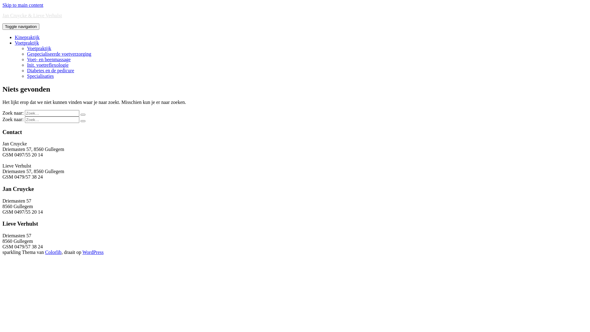  What do you see at coordinates (2, 15) in the screenshot?
I see `'Jan Cruycke & Lieve Verhulst'` at bounding box center [2, 15].